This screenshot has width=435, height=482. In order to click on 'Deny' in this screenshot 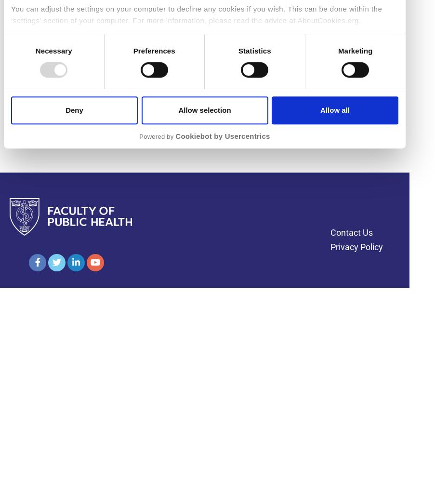, I will do `click(73, 109)`.